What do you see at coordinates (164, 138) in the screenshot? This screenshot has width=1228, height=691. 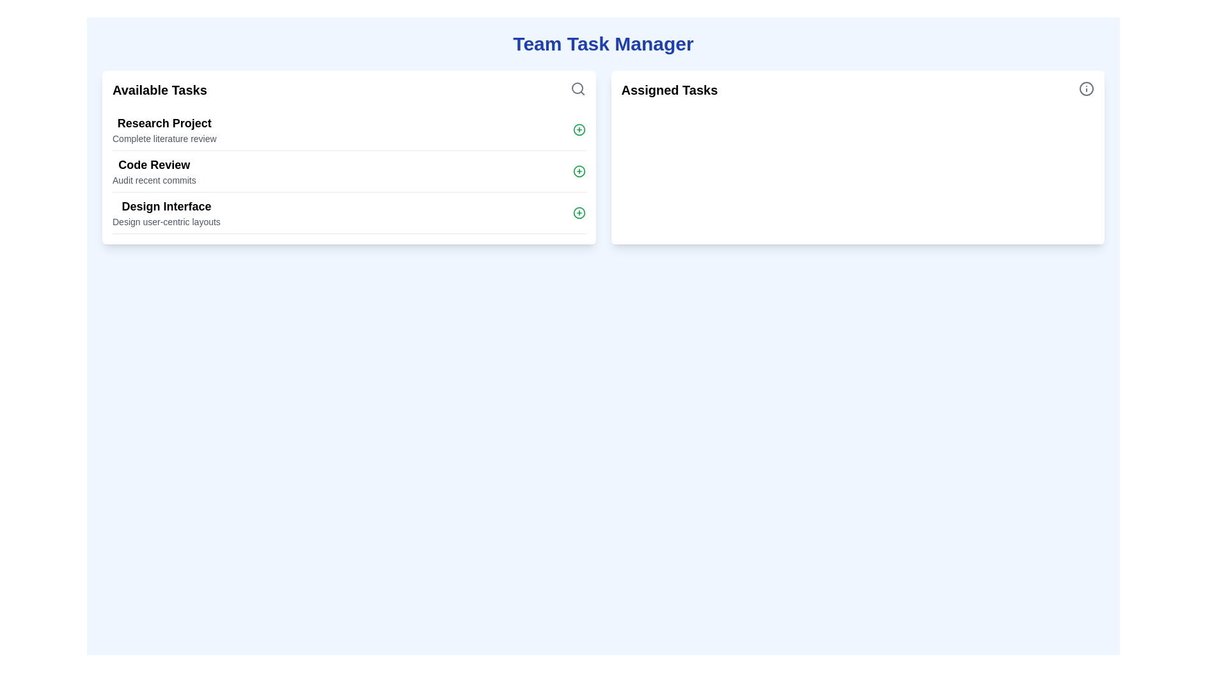 I see `the text label reading 'Complete literature review' located under the 'Research Project' heading in the 'Available Tasks' section of the left panel` at bounding box center [164, 138].